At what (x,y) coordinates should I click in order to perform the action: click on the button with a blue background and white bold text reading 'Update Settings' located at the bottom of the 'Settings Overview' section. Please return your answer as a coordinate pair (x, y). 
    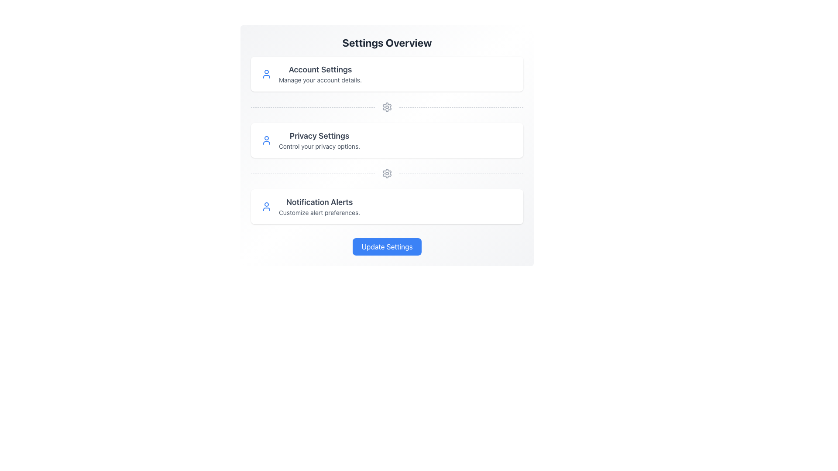
    Looking at the image, I should click on (387, 247).